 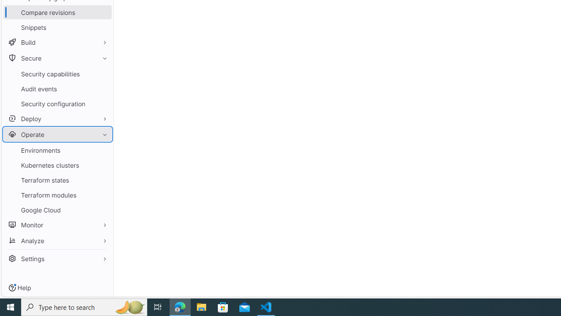 What do you see at coordinates (57, 58) in the screenshot?
I see `'Secure'` at bounding box center [57, 58].